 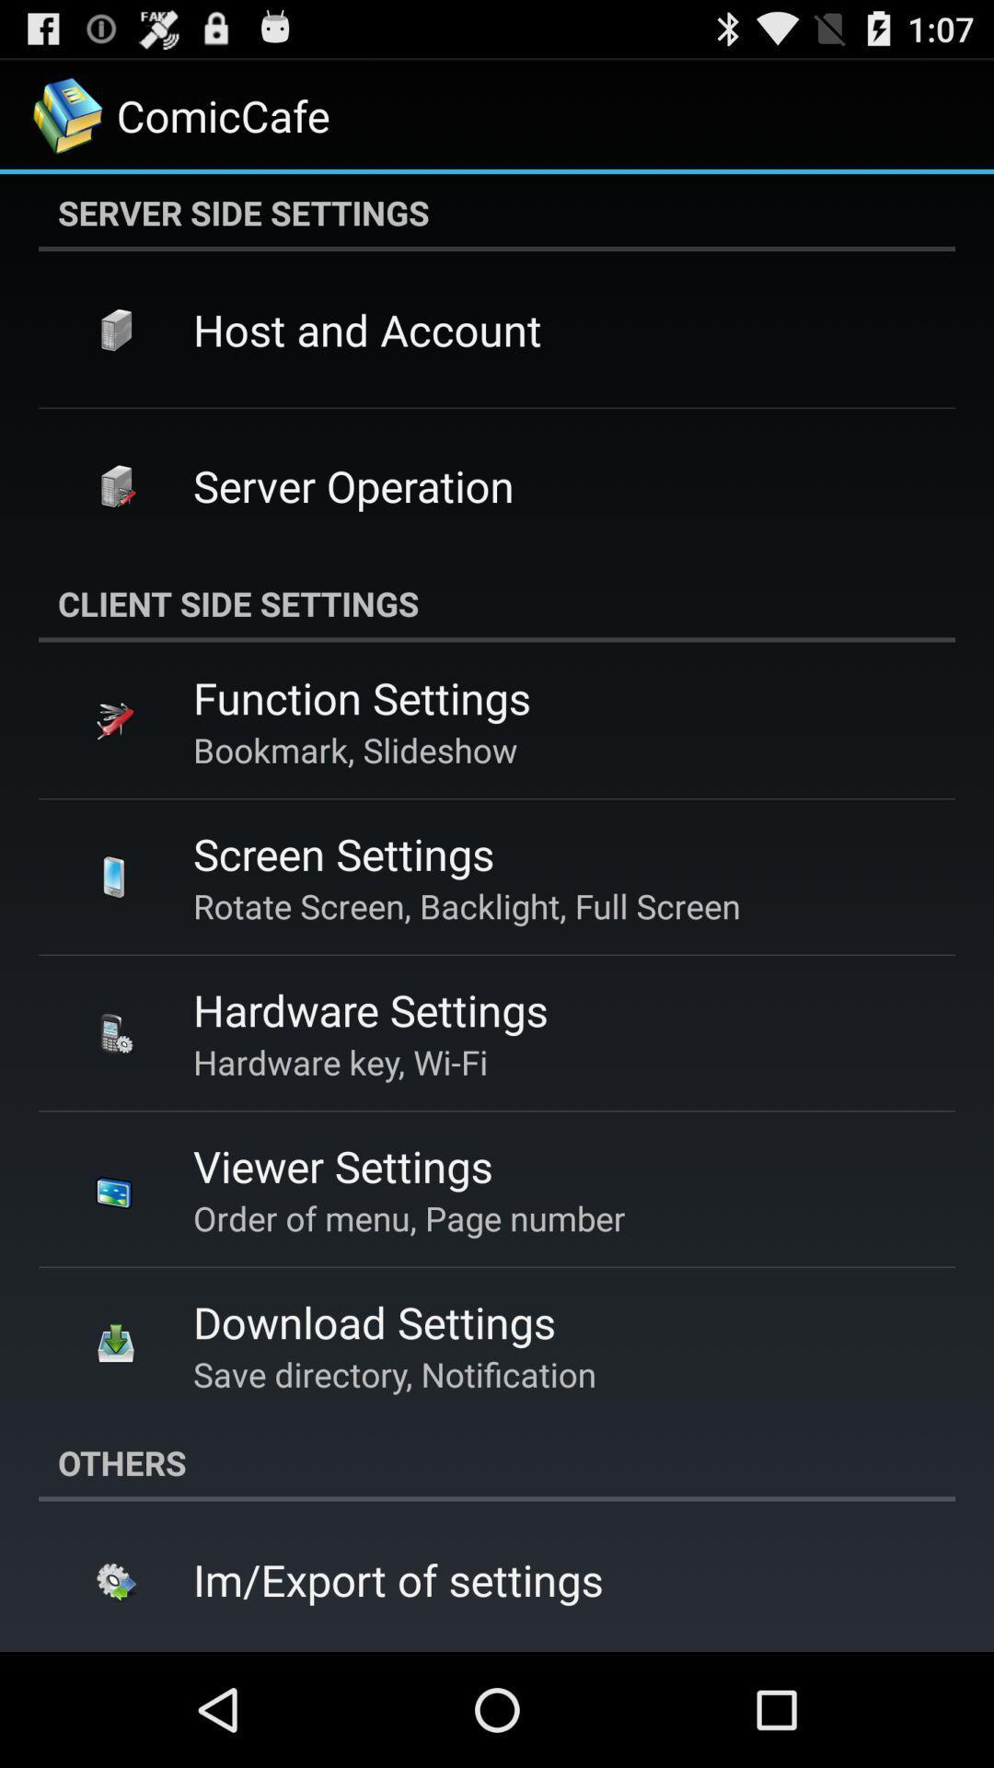 I want to click on the app above the screen settings item, so click(x=355, y=750).